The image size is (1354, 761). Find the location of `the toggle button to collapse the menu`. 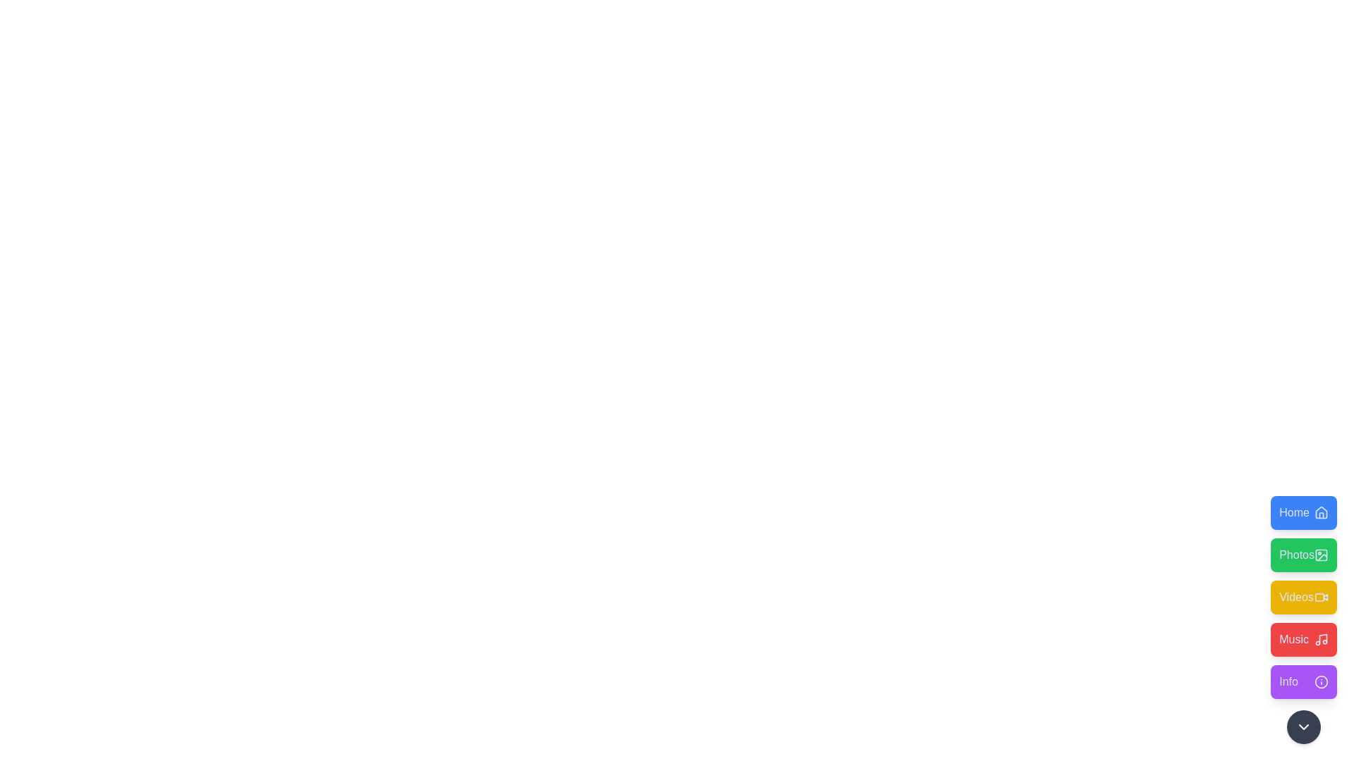

the toggle button to collapse the menu is located at coordinates (1303, 727).